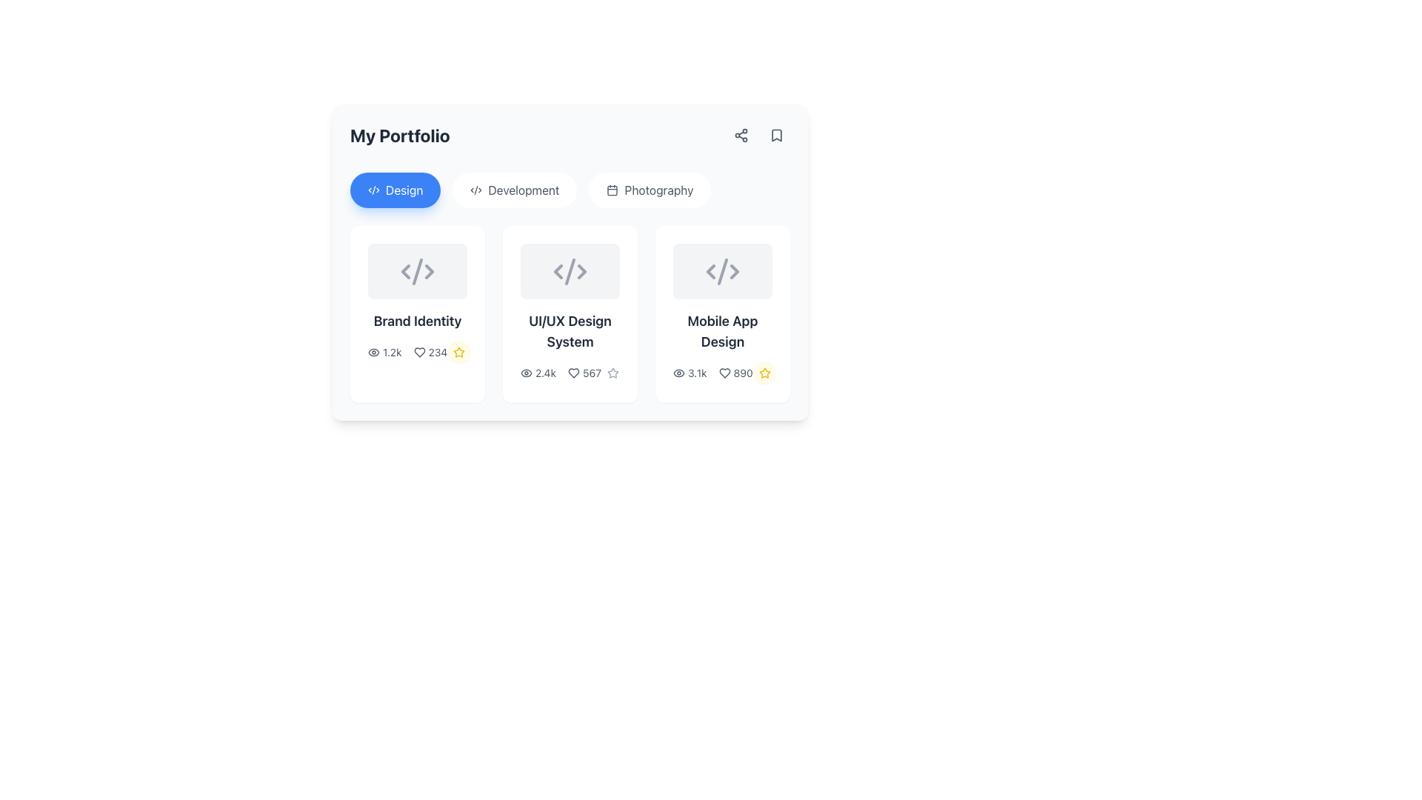  What do you see at coordinates (776, 135) in the screenshot?
I see `the bookmark icon located at the top-right corner of the card layout` at bounding box center [776, 135].